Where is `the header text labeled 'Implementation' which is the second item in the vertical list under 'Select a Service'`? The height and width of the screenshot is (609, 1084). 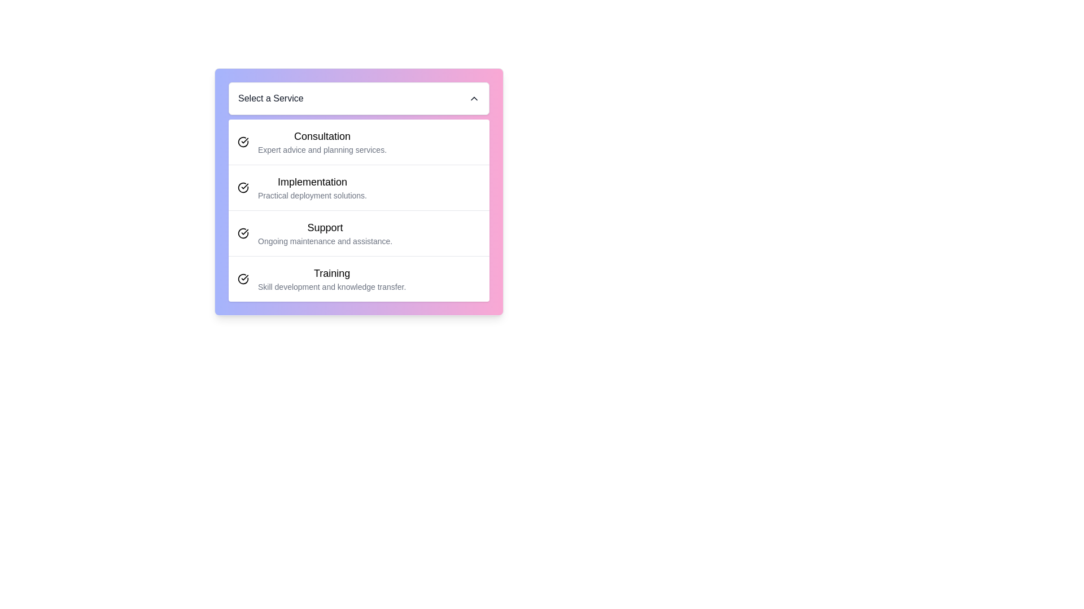 the header text labeled 'Implementation' which is the second item in the vertical list under 'Select a Service' is located at coordinates (312, 182).